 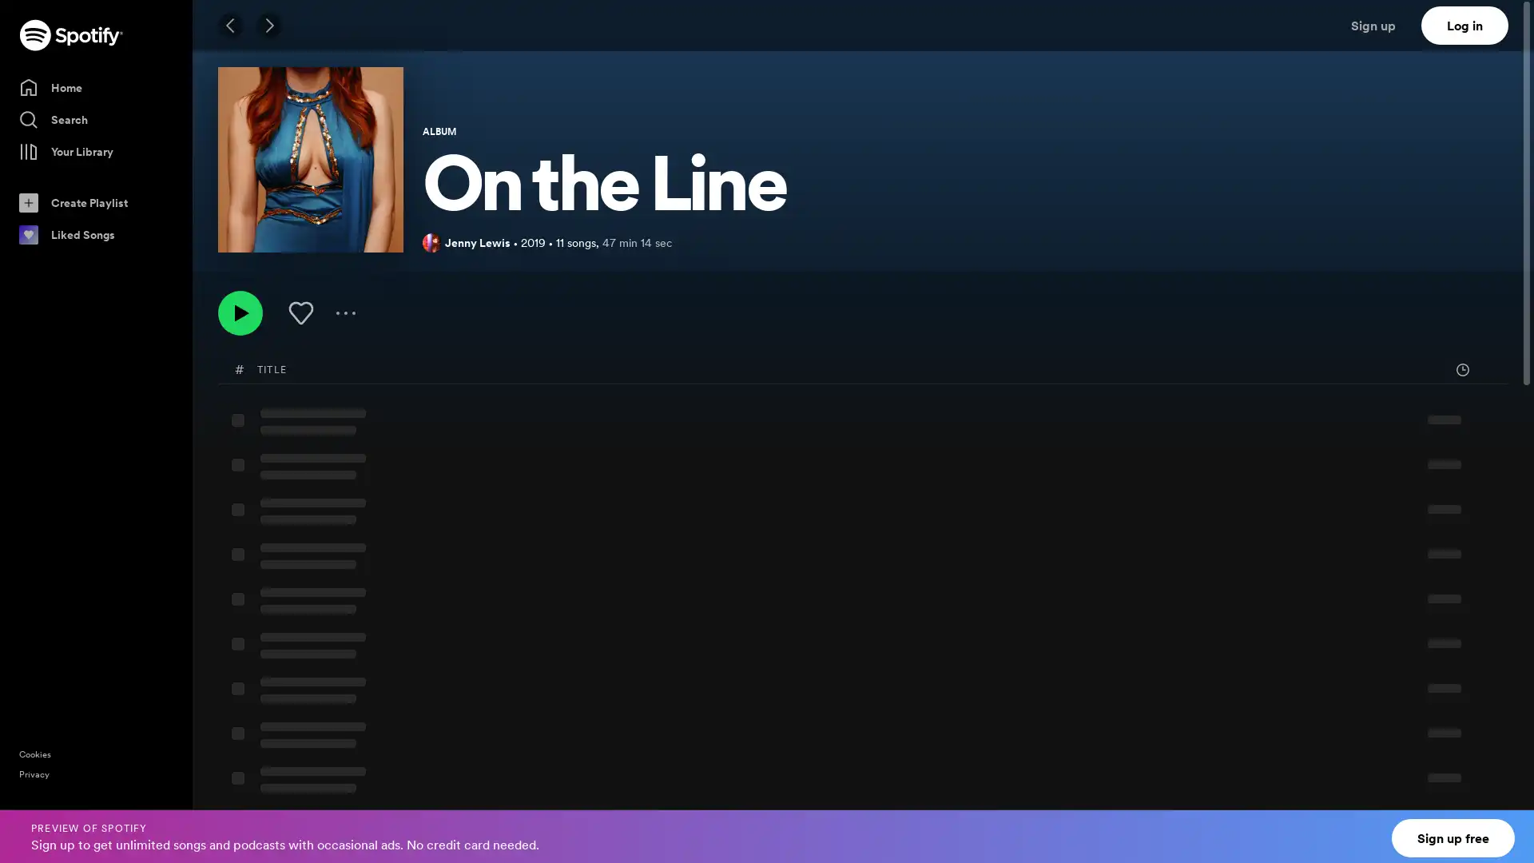 What do you see at coordinates (240, 313) in the screenshot?
I see `Play` at bounding box center [240, 313].